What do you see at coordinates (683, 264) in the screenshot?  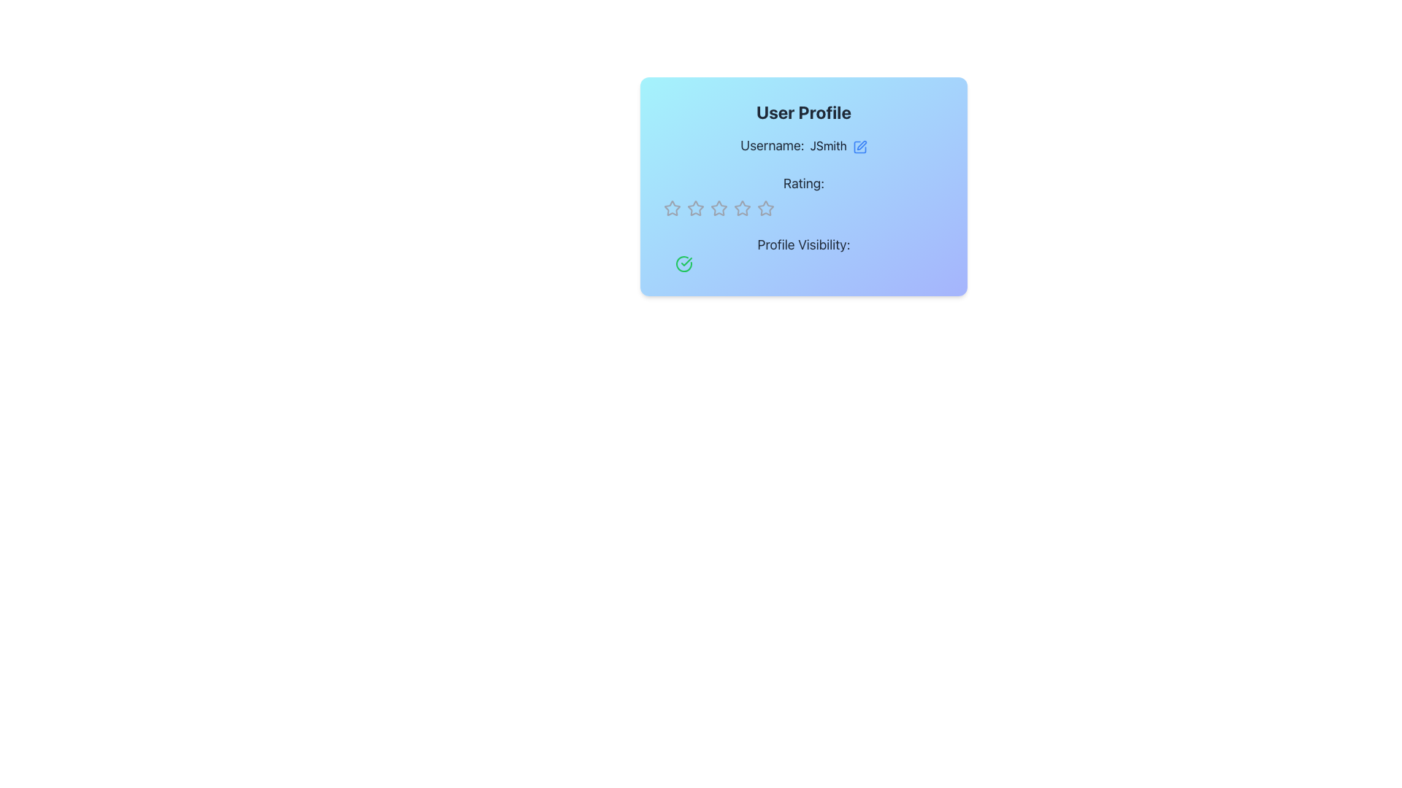 I see `the circular icon with a checkmark inside it, which is styled in a green stroke color and located in the 'Profile Visibility' section of the user profile card` at bounding box center [683, 264].